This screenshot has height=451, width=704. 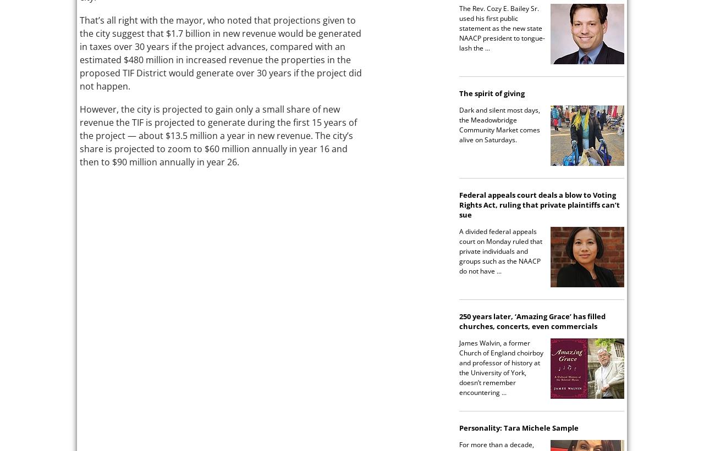 What do you see at coordinates (499, 124) in the screenshot?
I see `'Dark and silent most days, the Meadowbridge Community Market comes alive on Saturdays.'` at bounding box center [499, 124].